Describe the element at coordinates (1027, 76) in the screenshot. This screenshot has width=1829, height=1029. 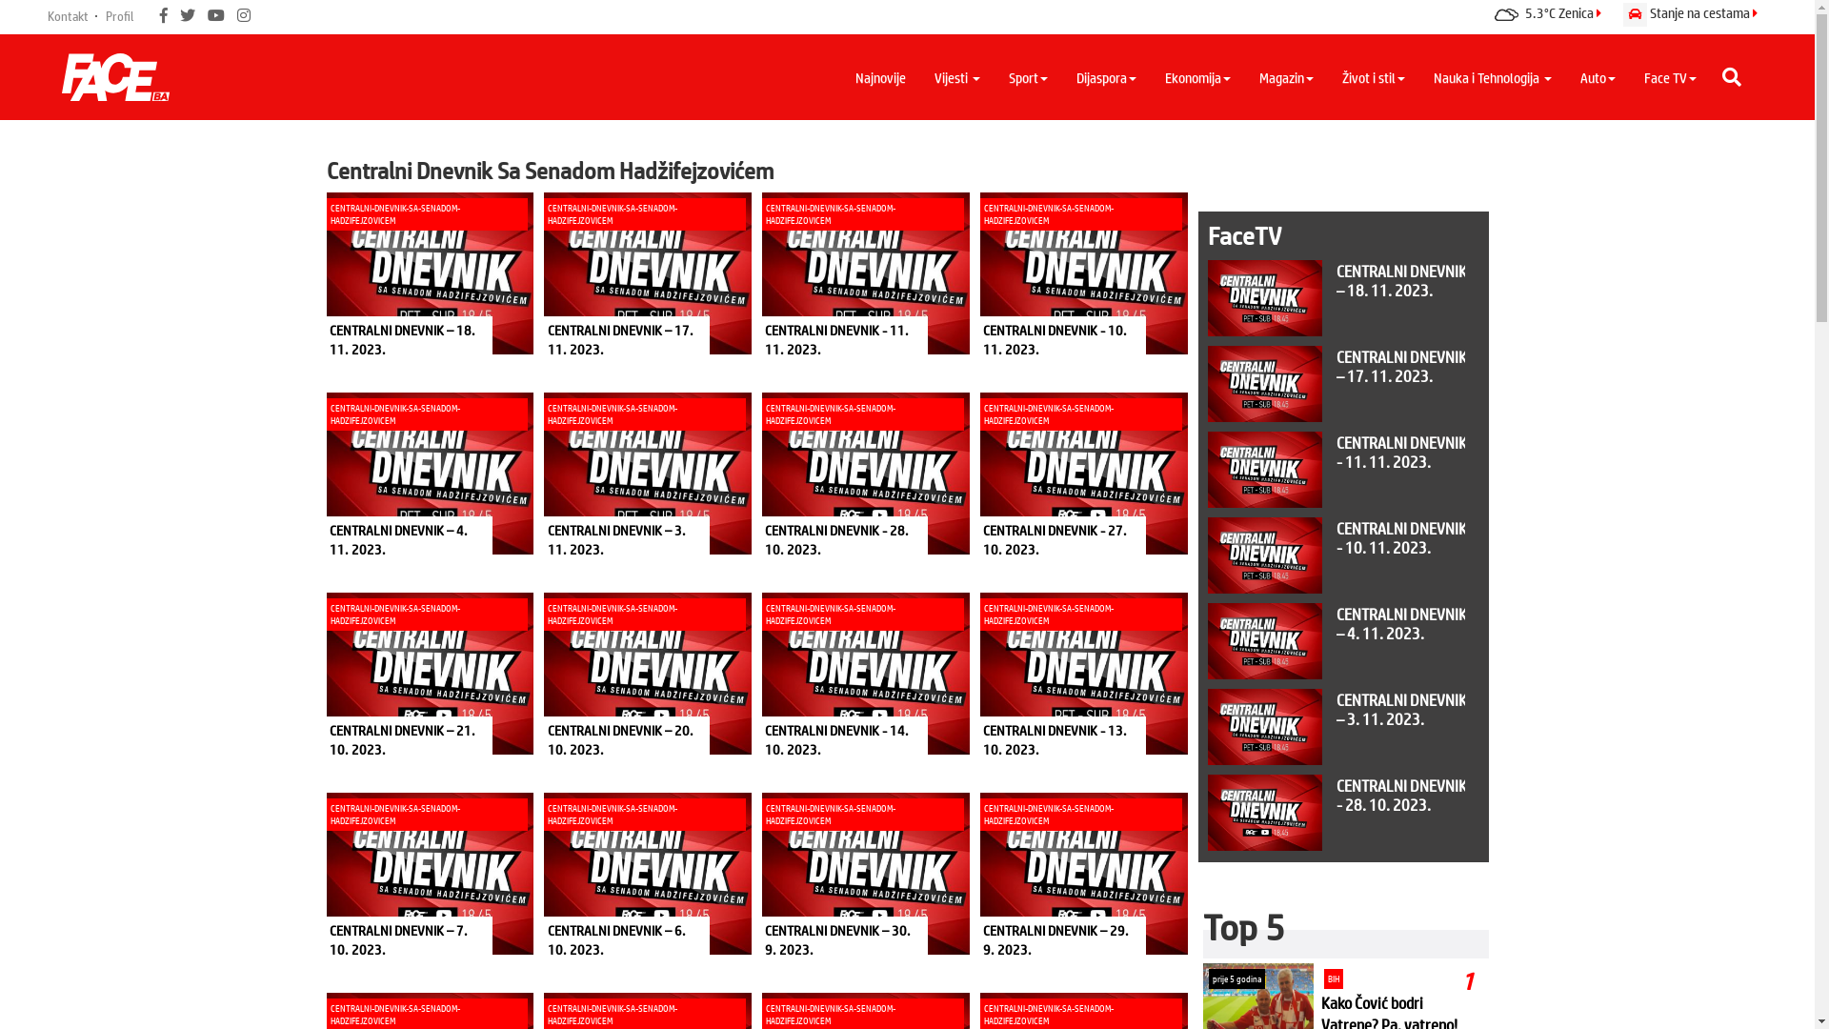
I see `'Sport'` at that location.